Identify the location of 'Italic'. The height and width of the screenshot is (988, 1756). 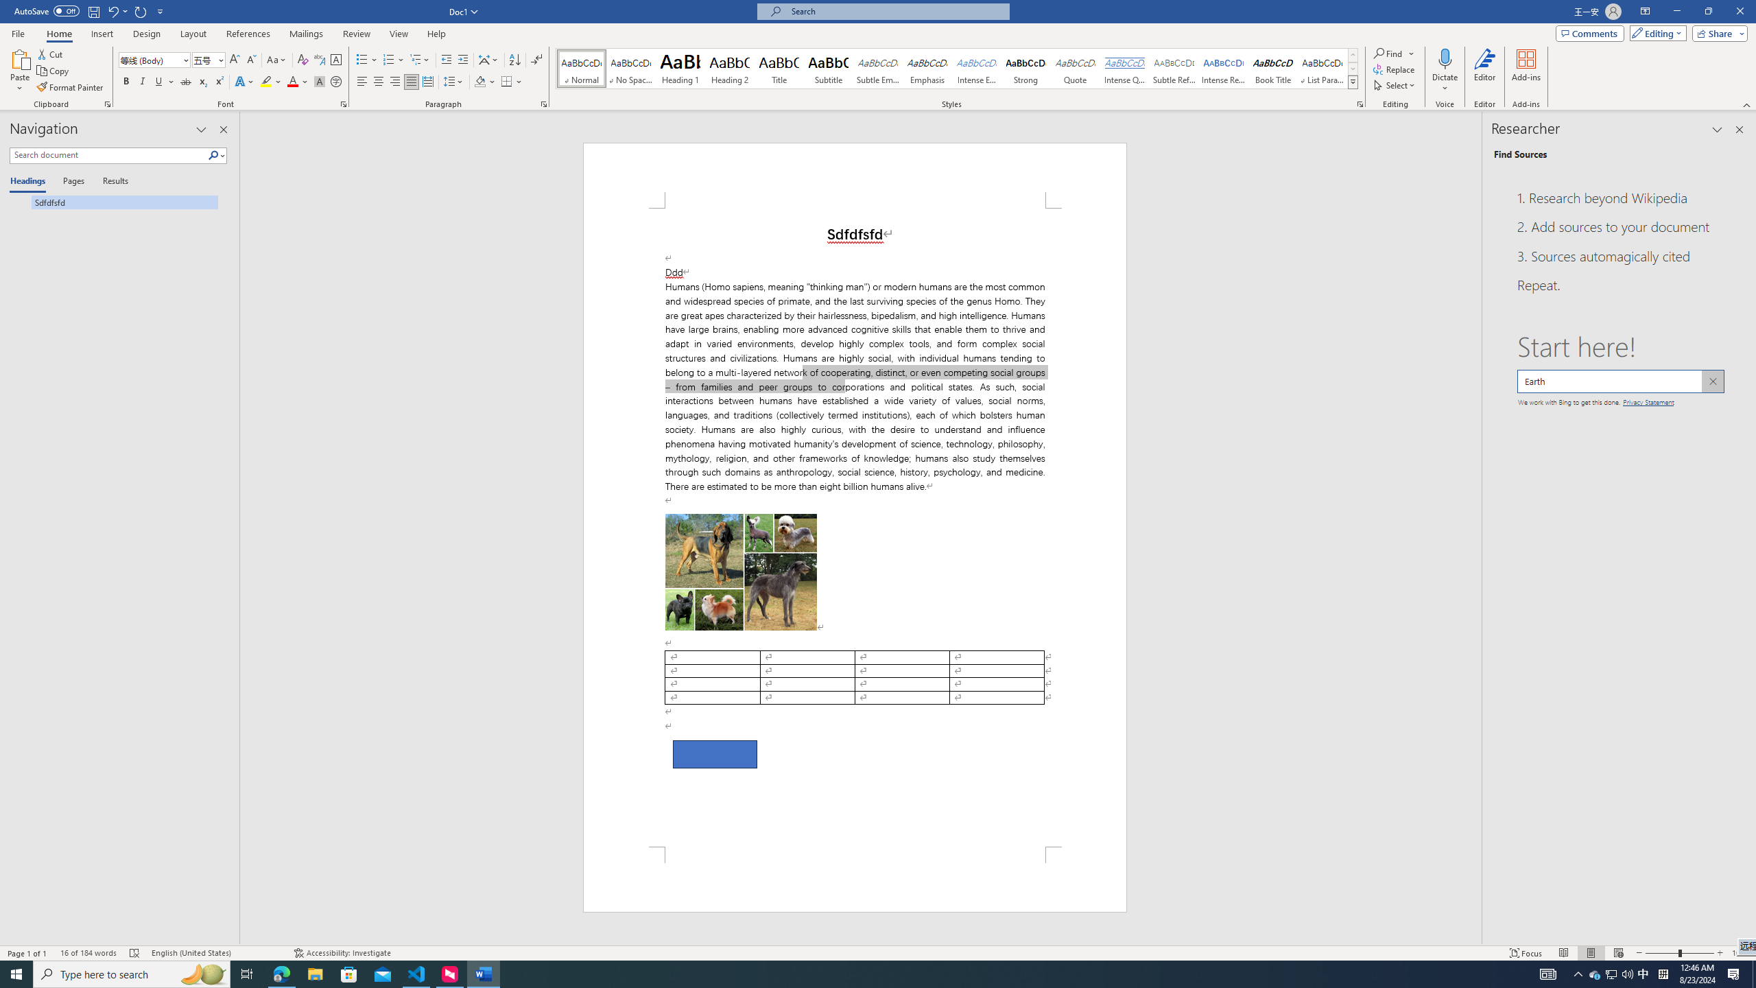
(142, 81).